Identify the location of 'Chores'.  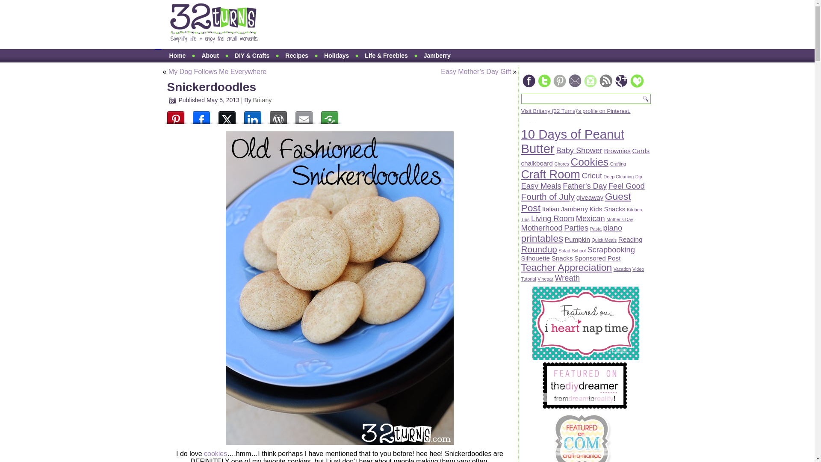
(561, 163).